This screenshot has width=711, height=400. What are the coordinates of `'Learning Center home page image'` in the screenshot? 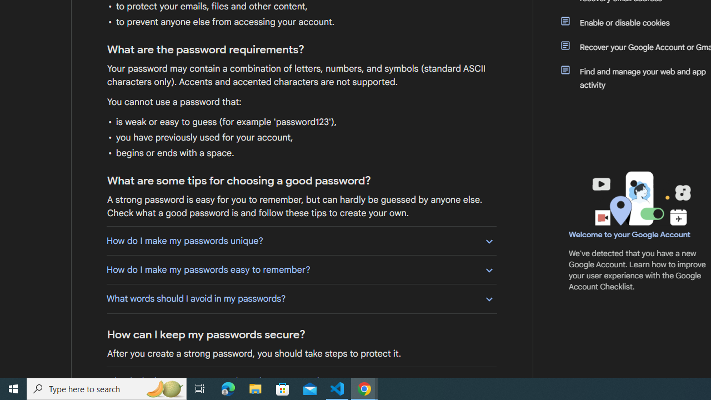 It's located at (640, 198).